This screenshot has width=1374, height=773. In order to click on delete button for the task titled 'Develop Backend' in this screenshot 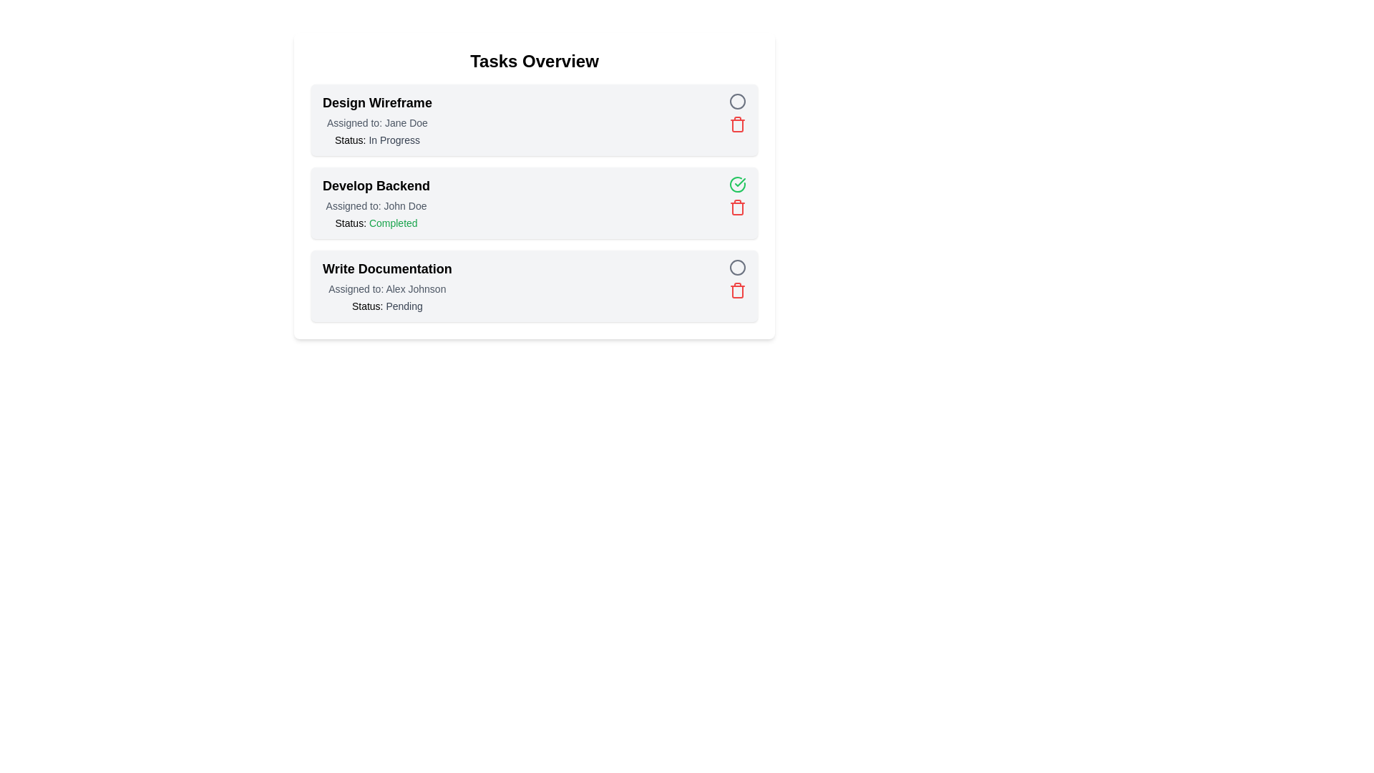, I will do `click(738, 207)`.